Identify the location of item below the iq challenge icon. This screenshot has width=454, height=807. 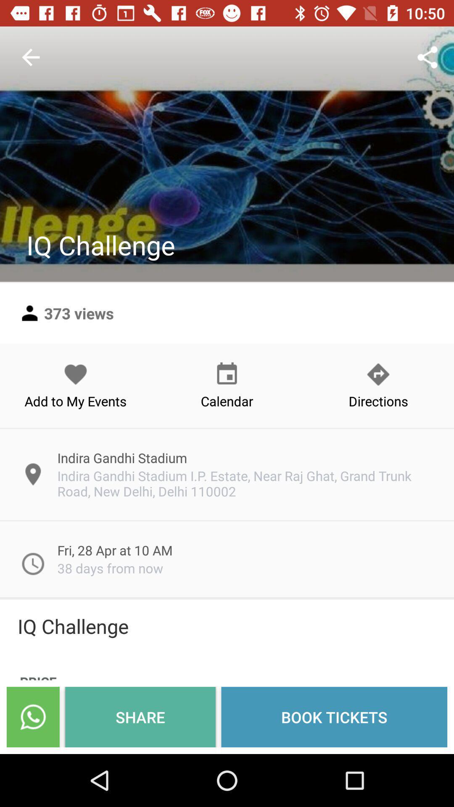
(32, 717).